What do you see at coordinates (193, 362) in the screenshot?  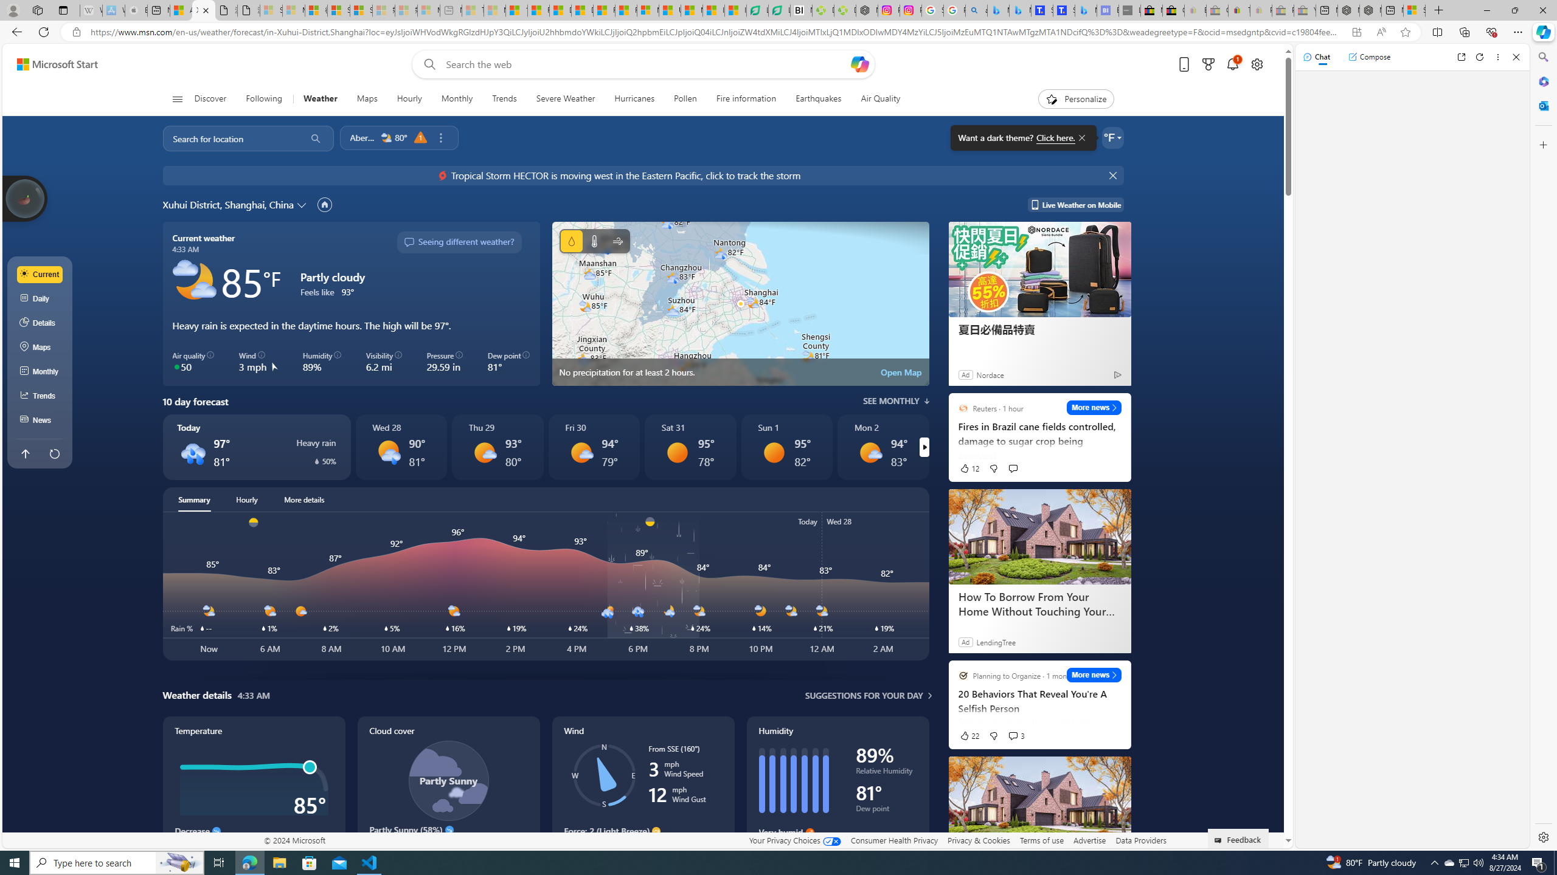 I see `'Air quality 50'` at bounding box center [193, 362].